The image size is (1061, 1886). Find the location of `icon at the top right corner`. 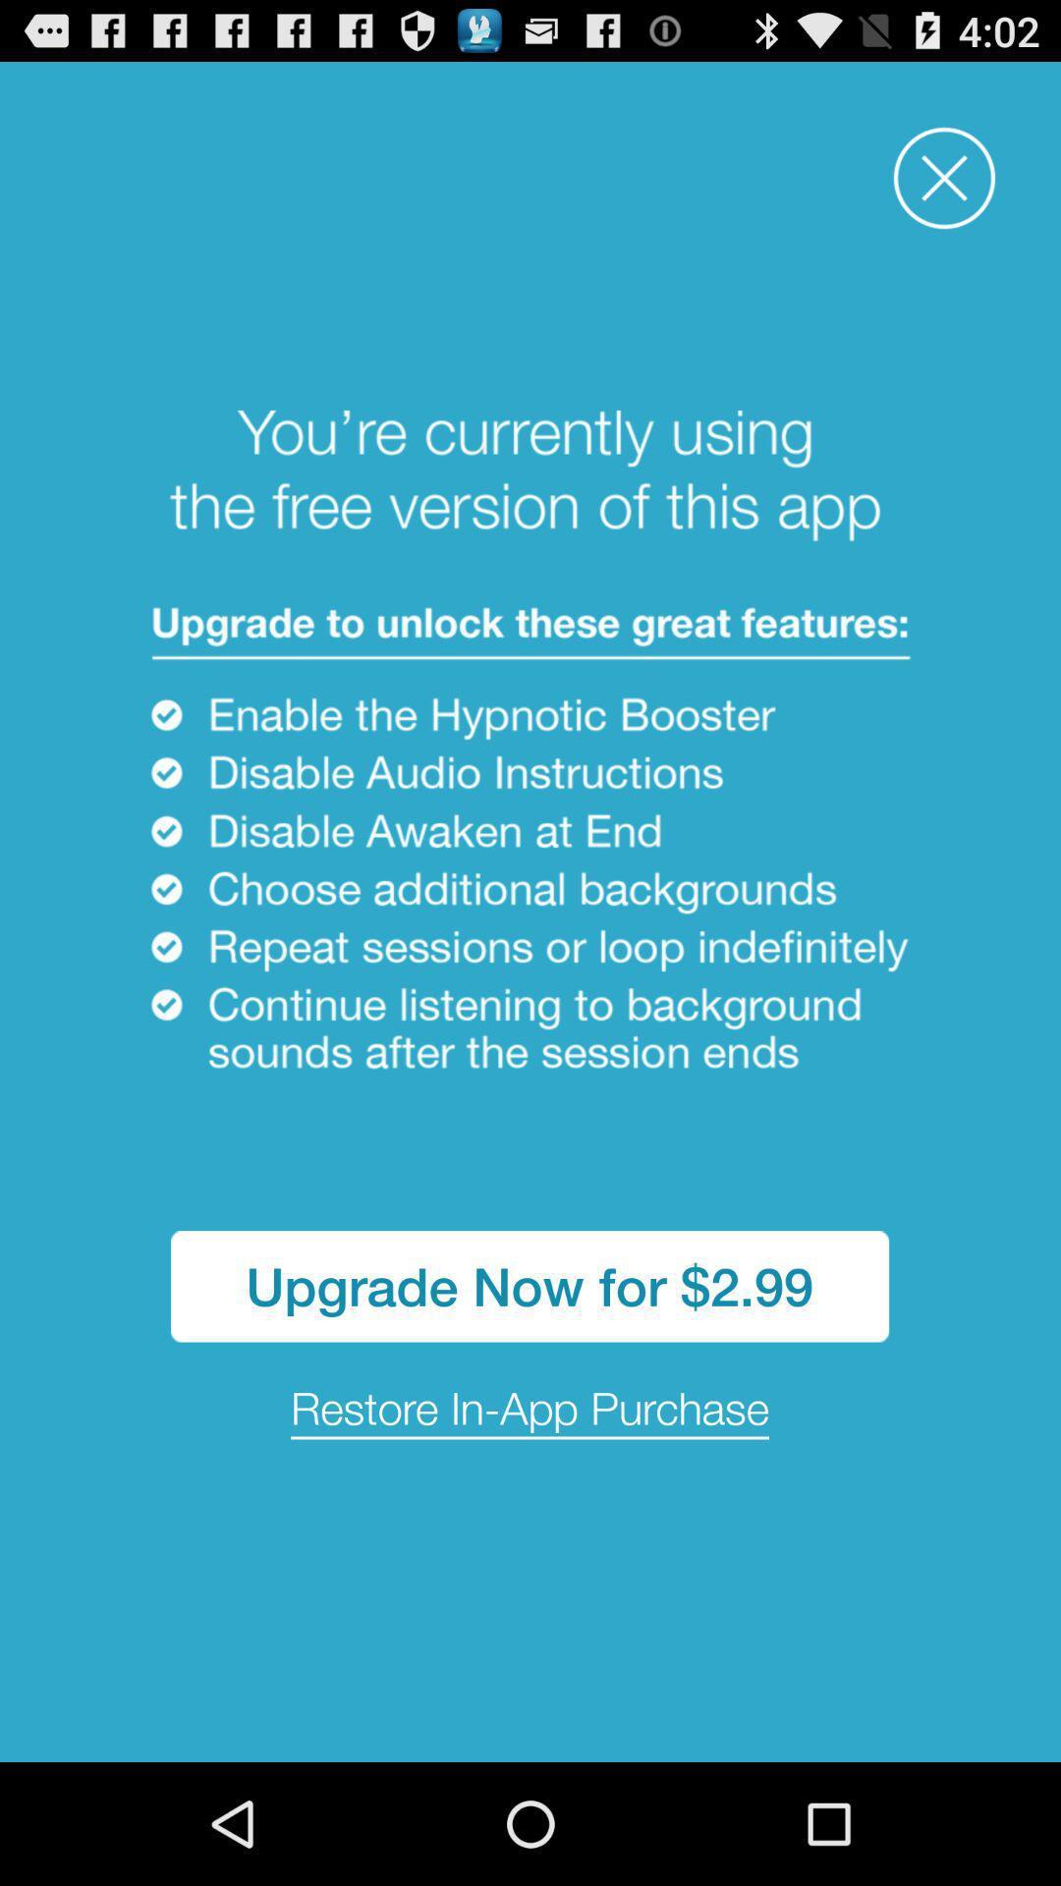

icon at the top right corner is located at coordinates (943, 178).